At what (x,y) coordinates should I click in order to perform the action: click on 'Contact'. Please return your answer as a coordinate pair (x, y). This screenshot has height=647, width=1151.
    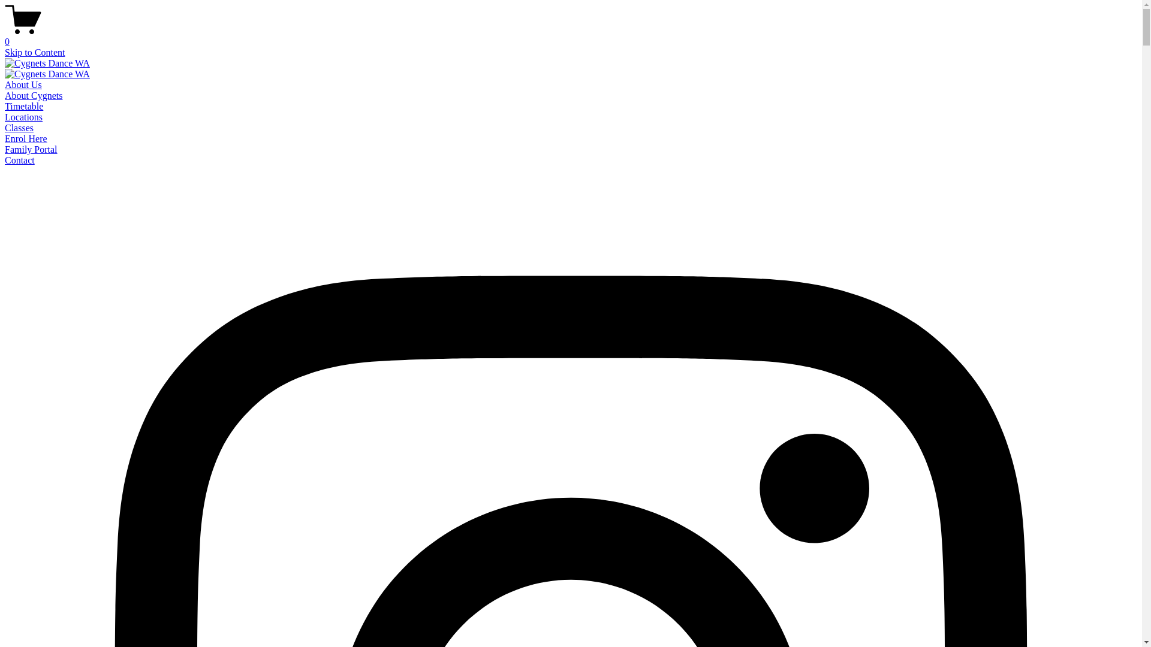
    Looking at the image, I should click on (20, 159).